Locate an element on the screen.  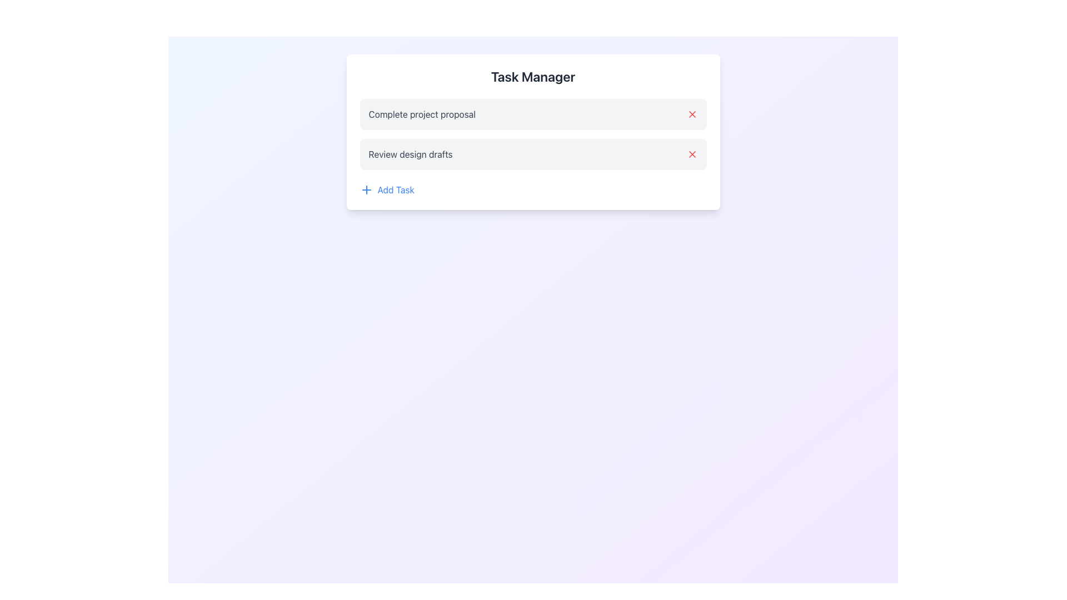
the Text Label that indicates adding a new task, located under 'Task Manager' and to the right of the '+' icon is located at coordinates (396, 189).